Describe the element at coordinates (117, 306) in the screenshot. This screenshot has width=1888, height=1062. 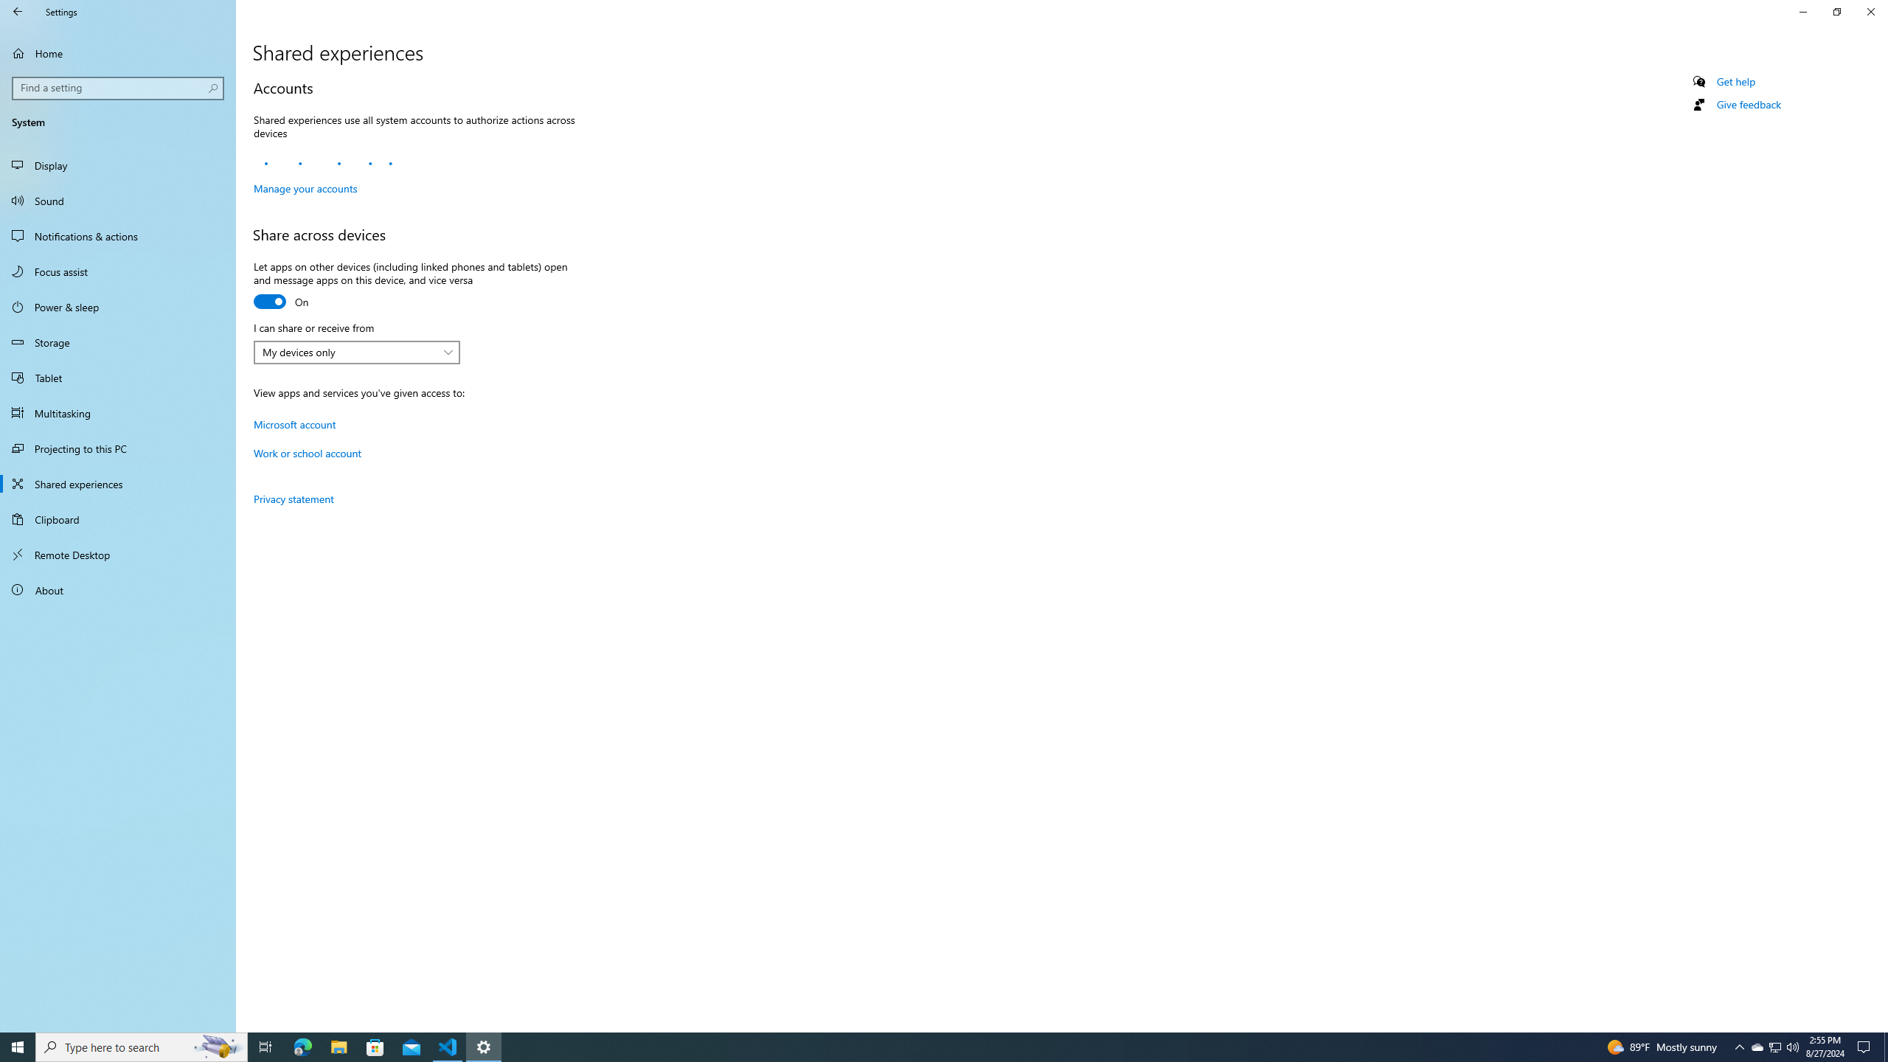
I see `'Power & sleep'` at that location.